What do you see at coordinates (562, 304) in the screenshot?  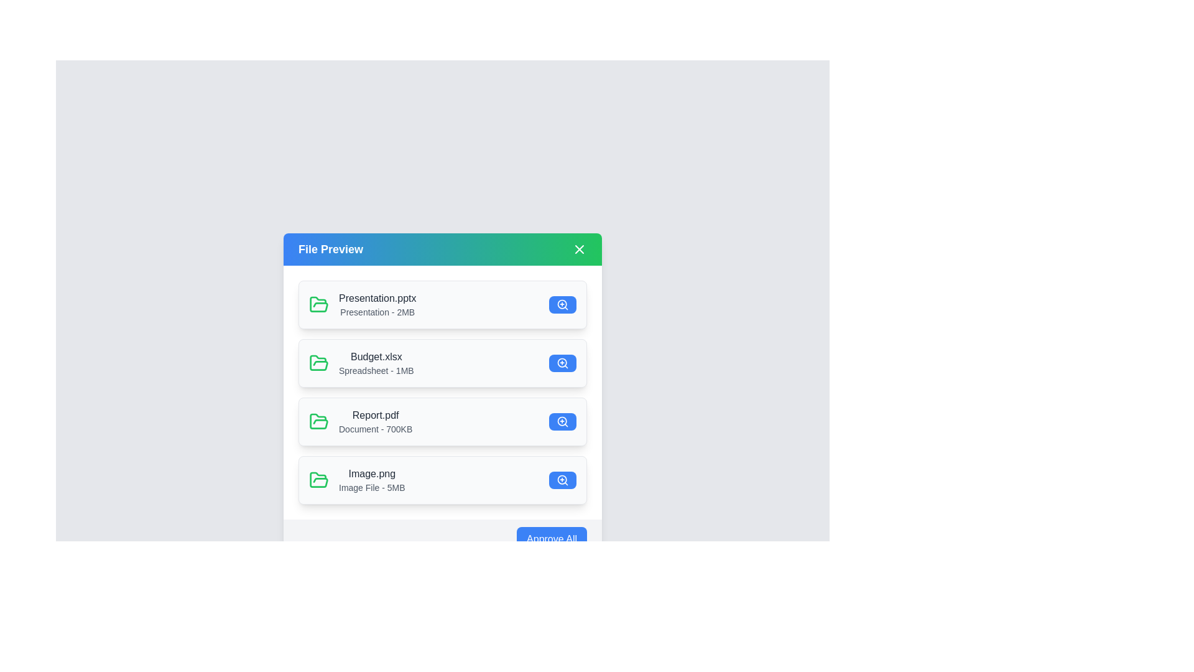 I see `the 'Zoom' button next to the file named Presentation.pptx` at bounding box center [562, 304].